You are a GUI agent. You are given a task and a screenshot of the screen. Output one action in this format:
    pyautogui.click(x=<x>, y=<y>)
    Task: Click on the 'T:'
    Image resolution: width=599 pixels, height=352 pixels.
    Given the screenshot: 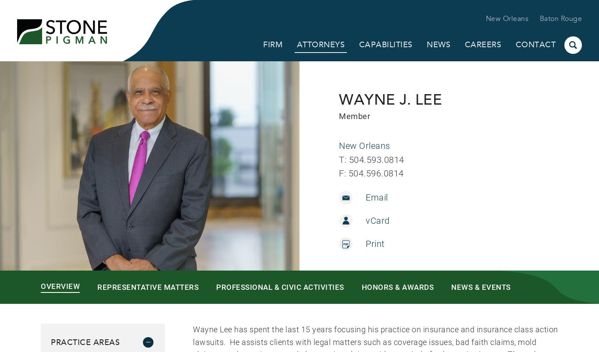 What is the action you would take?
    pyautogui.click(x=339, y=158)
    